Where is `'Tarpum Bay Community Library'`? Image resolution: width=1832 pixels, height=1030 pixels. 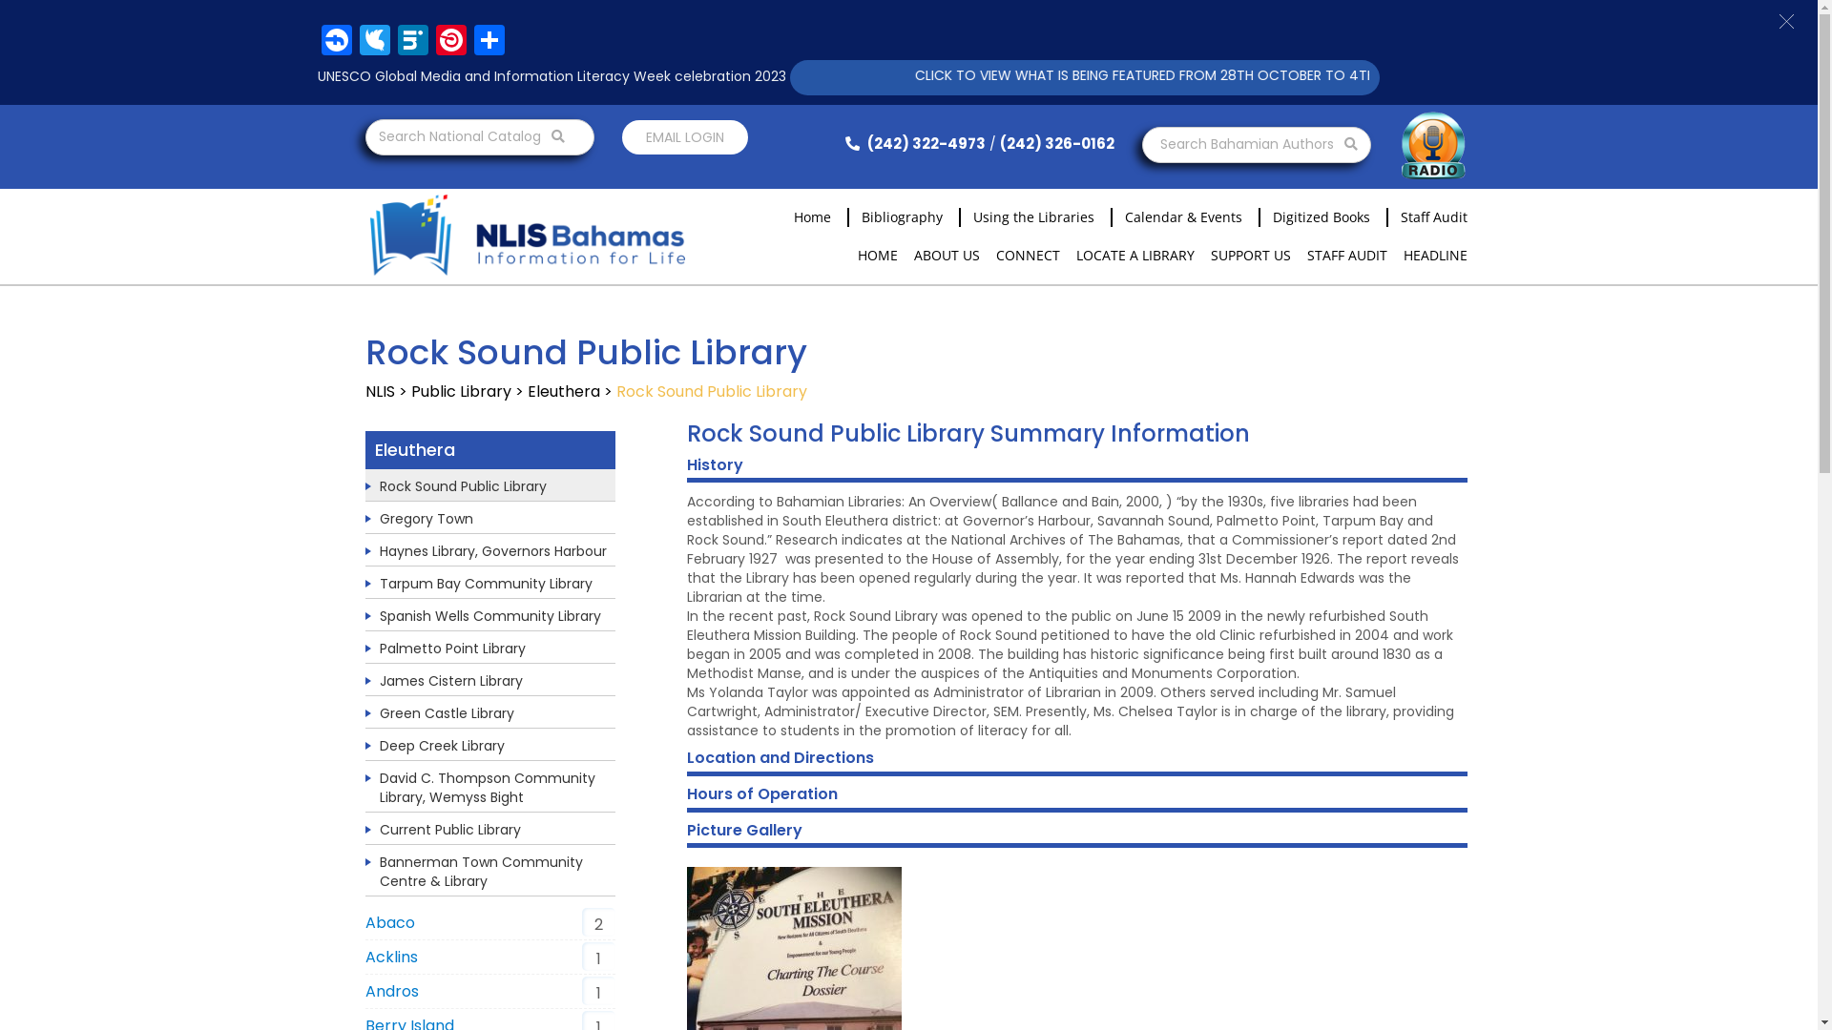 'Tarpum Bay Community Library' is located at coordinates (486, 583).